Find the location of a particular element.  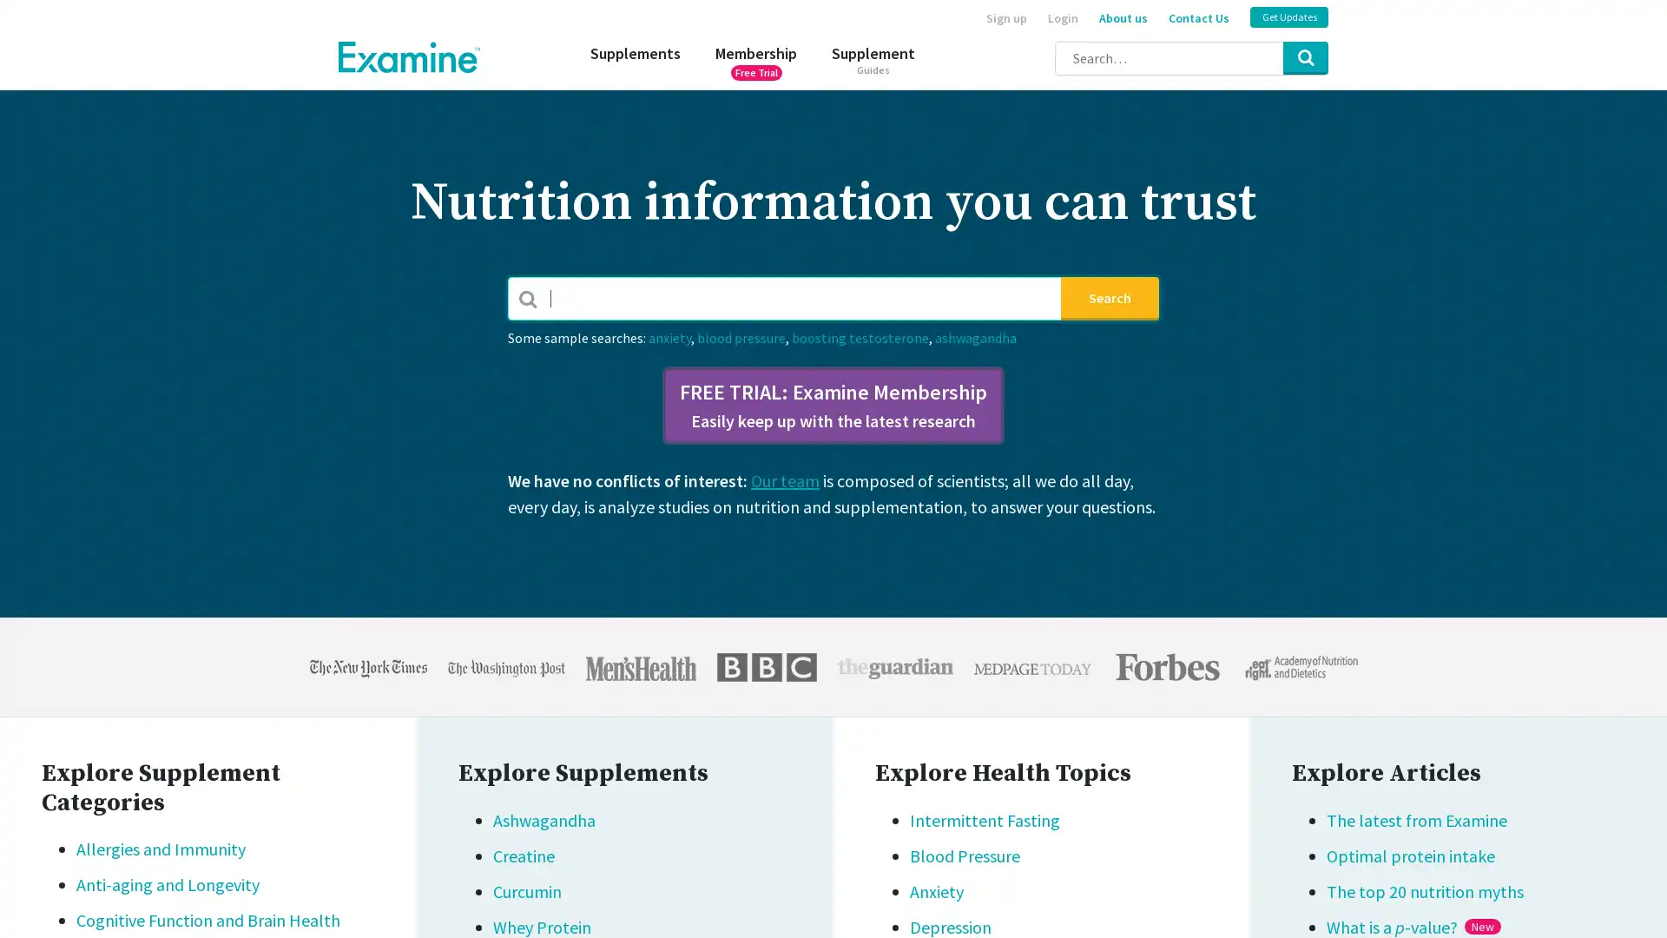

Search is located at coordinates (1109, 297).